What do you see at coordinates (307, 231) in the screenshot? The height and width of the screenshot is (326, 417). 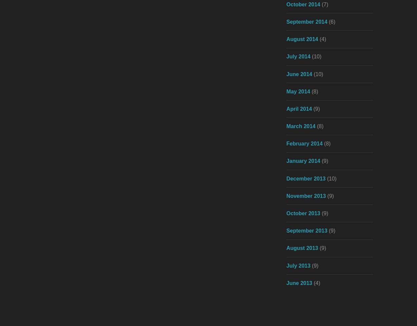 I see `'September 2013'` at bounding box center [307, 231].